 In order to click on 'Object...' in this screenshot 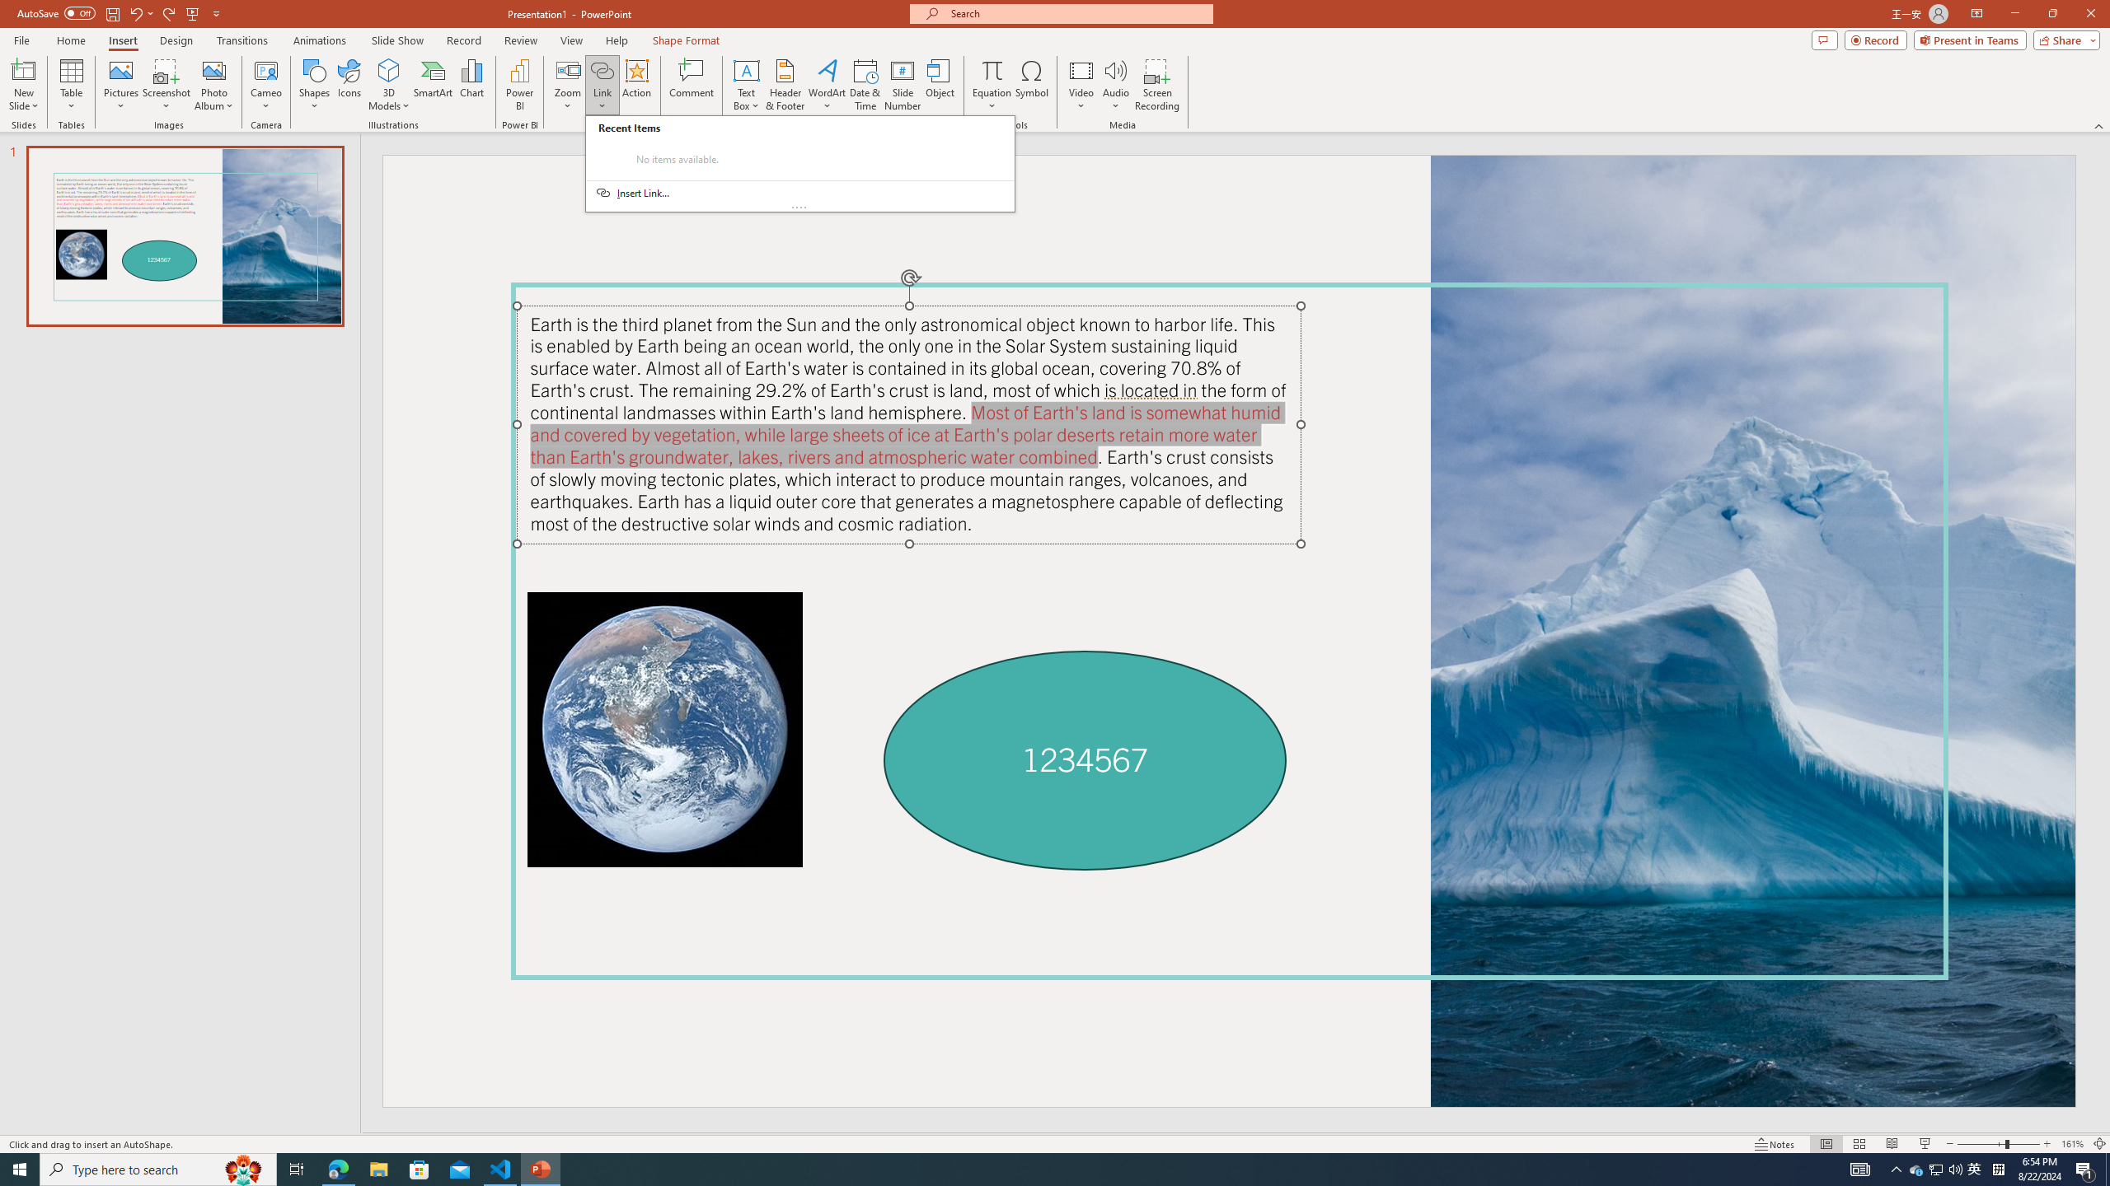, I will do `click(940, 85)`.